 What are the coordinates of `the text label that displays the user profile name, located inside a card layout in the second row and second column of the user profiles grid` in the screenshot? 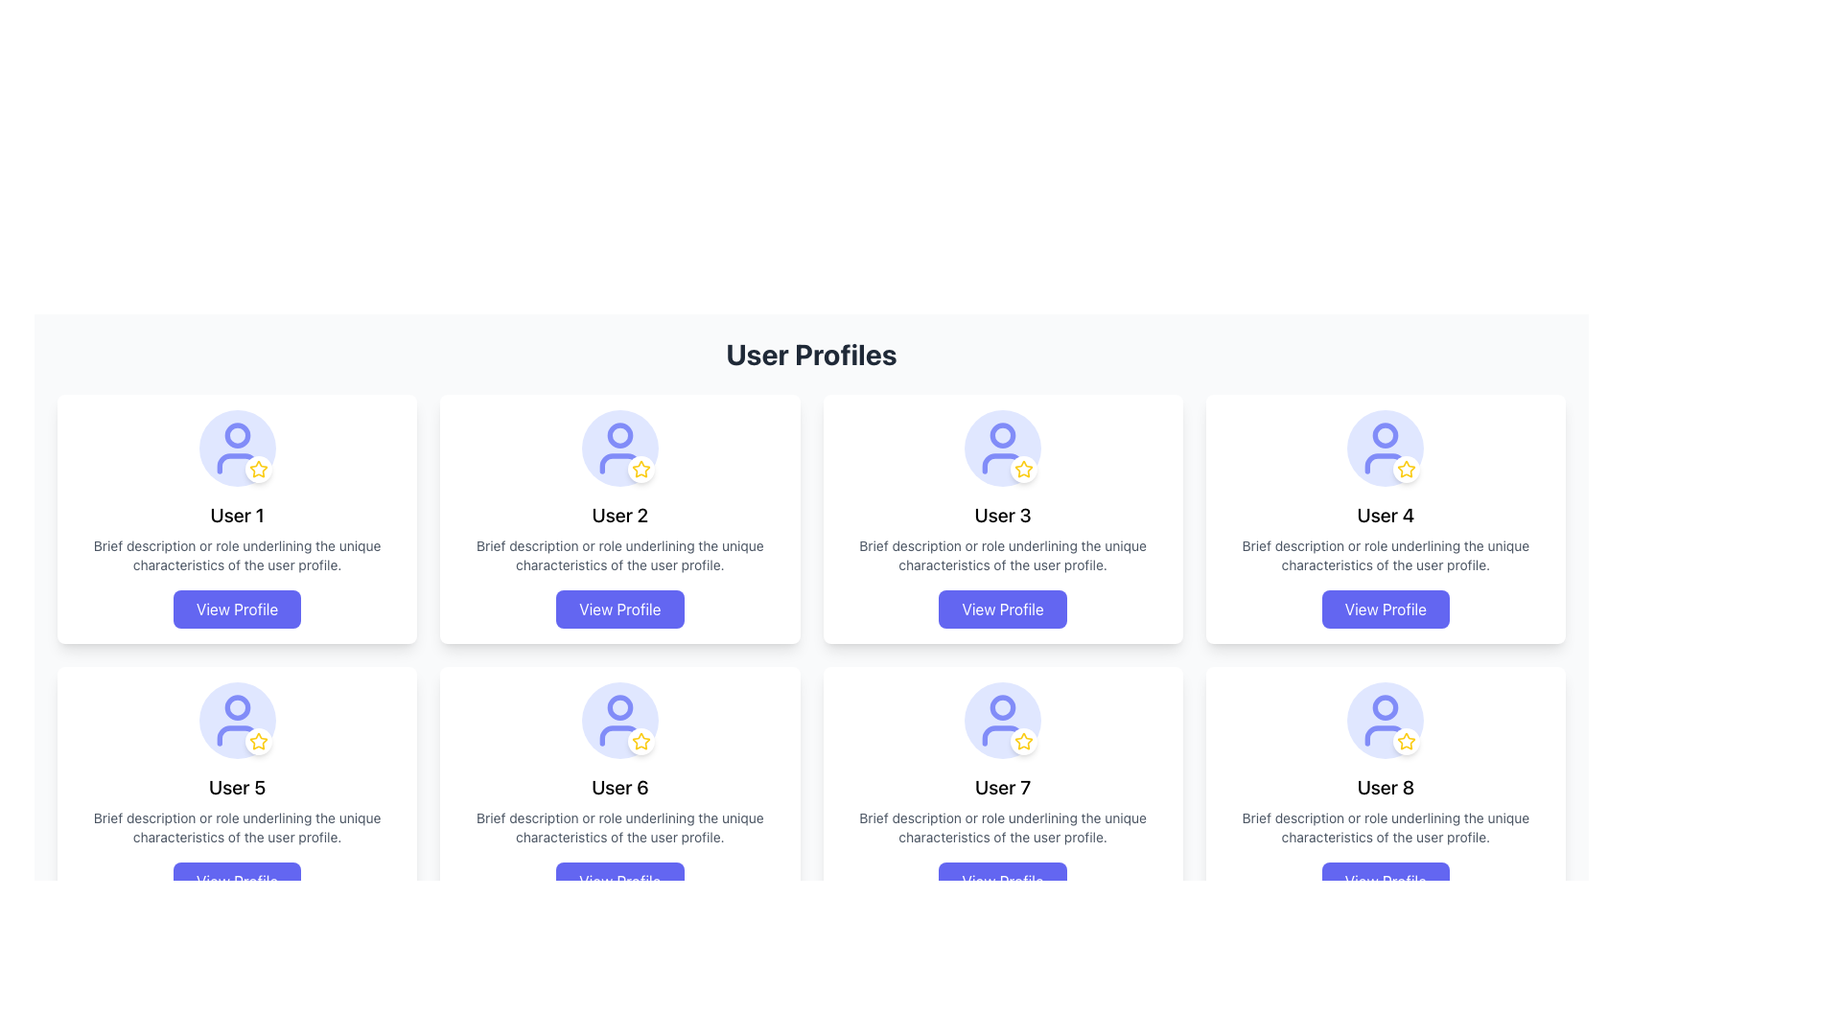 It's located at (619, 787).